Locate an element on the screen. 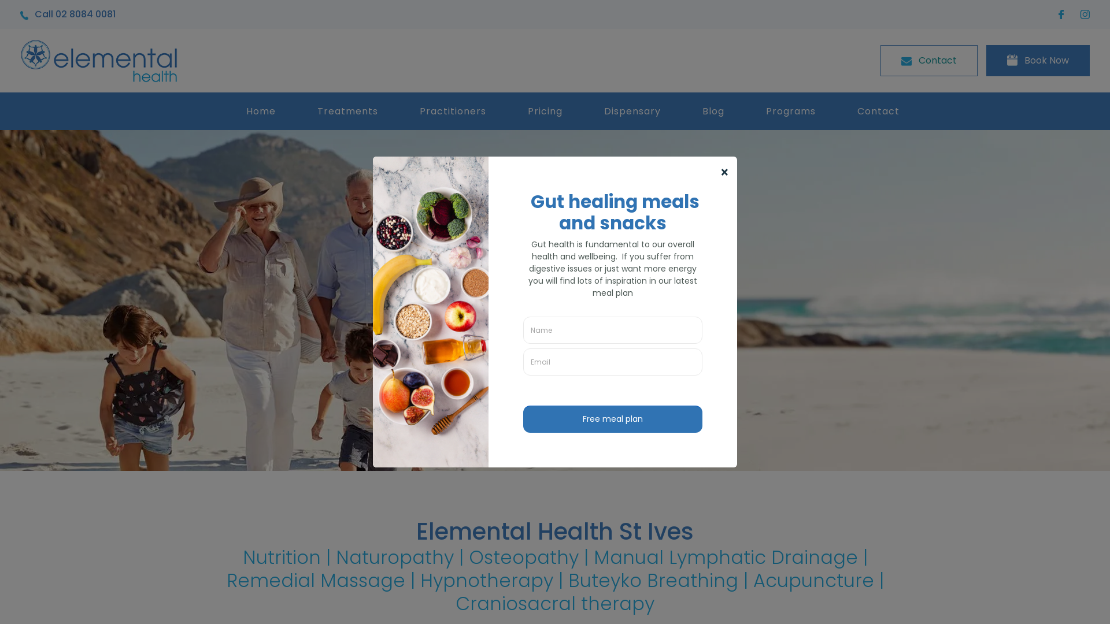 This screenshot has width=1110, height=624. 'Book Now' is located at coordinates (1038, 60).